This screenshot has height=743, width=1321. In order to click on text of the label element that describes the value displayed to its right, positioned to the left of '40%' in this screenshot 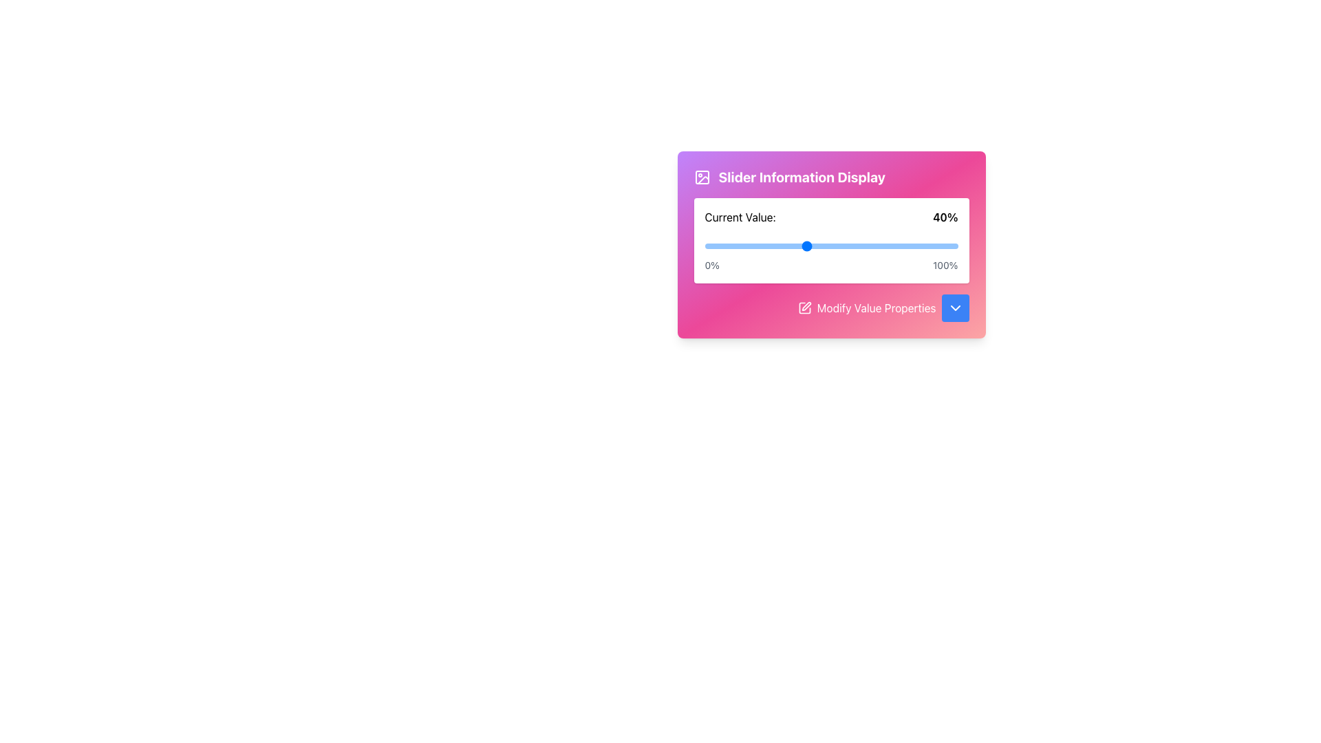, I will do `click(740, 217)`.